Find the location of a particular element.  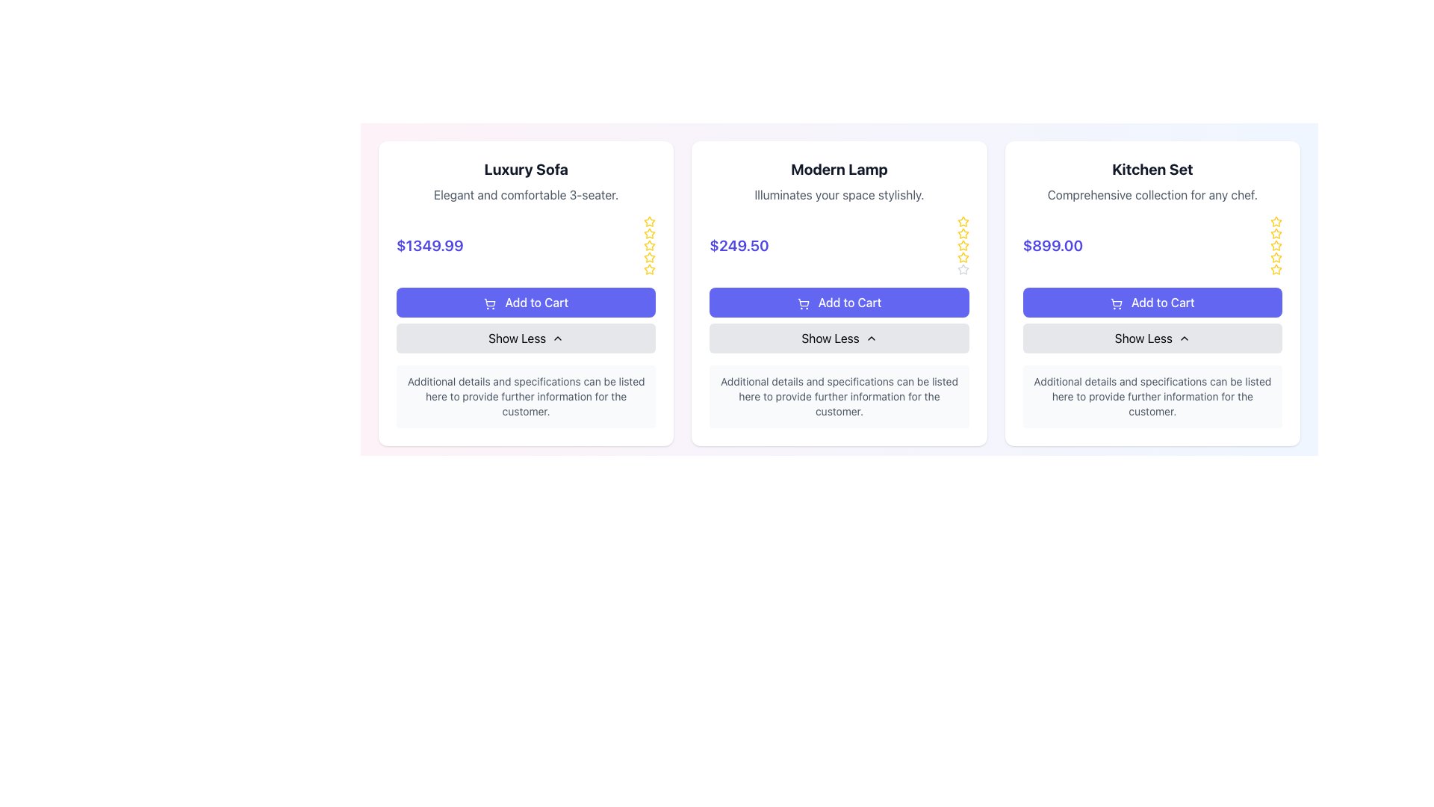

the fifth star-shaped rating icon with a yellow outline, located to the right of the product title 'Modern Lamp' in the central card of the interface is located at coordinates (963, 244).